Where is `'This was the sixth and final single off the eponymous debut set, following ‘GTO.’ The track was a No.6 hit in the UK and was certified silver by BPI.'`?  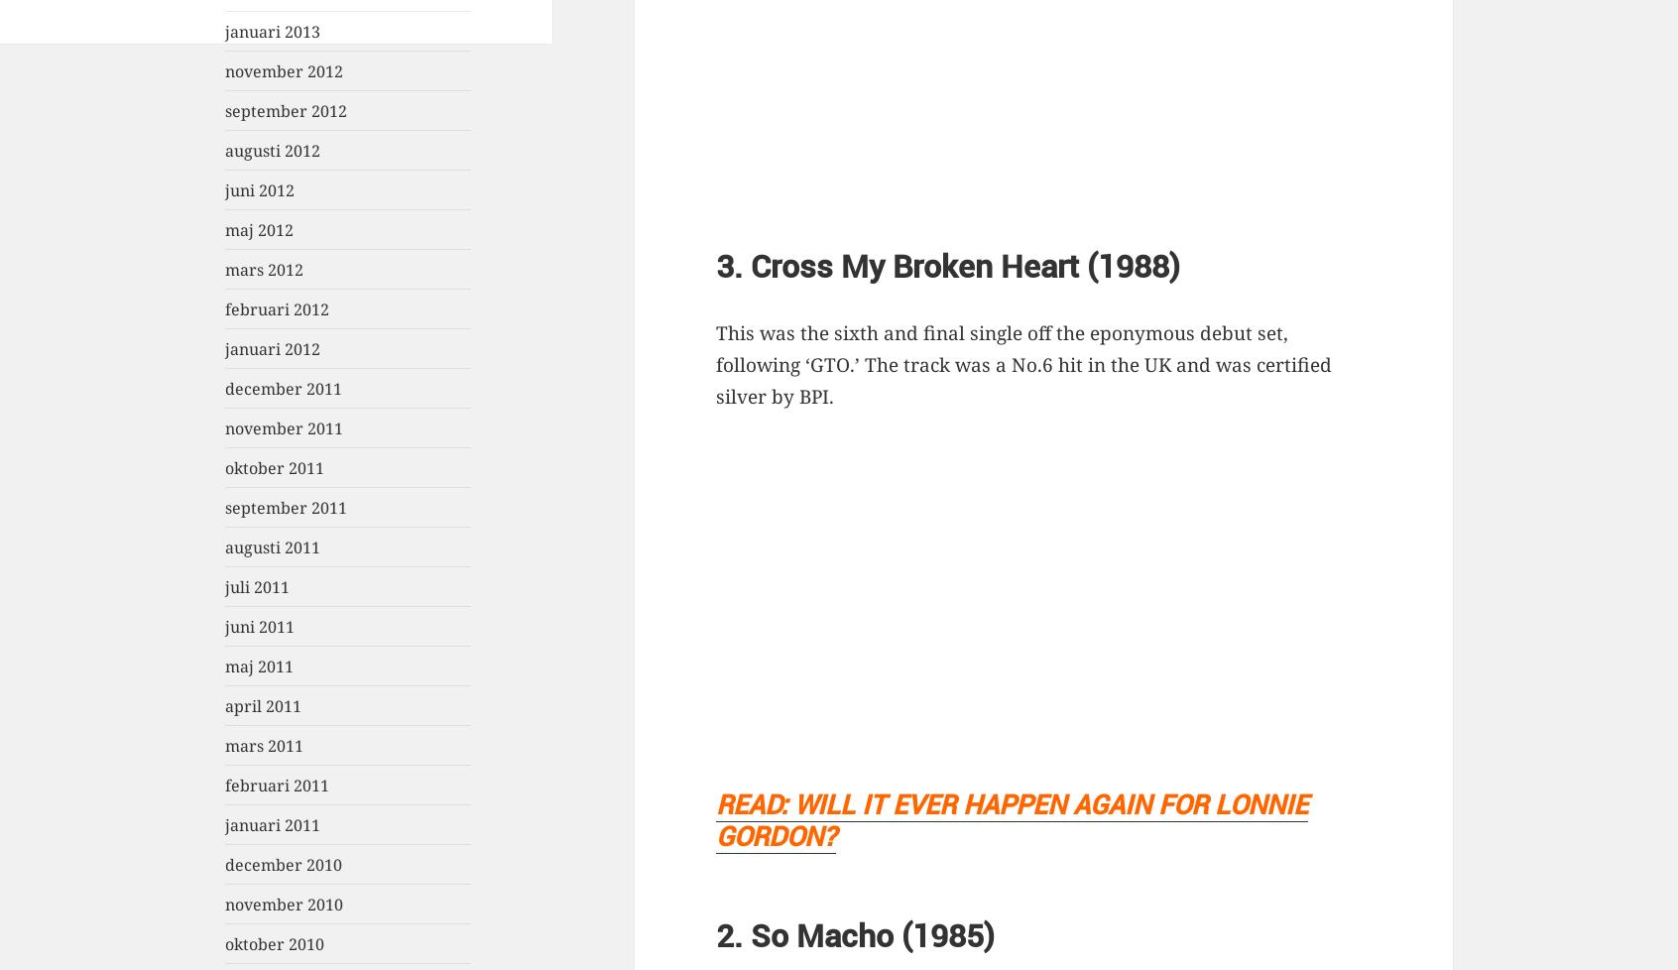
'This was the sixth and final single off the eponymous debut set, following ‘GTO.’ The track was a No.6 hit in the UK and was certified silver by BPI.' is located at coordinates (1022, 363).